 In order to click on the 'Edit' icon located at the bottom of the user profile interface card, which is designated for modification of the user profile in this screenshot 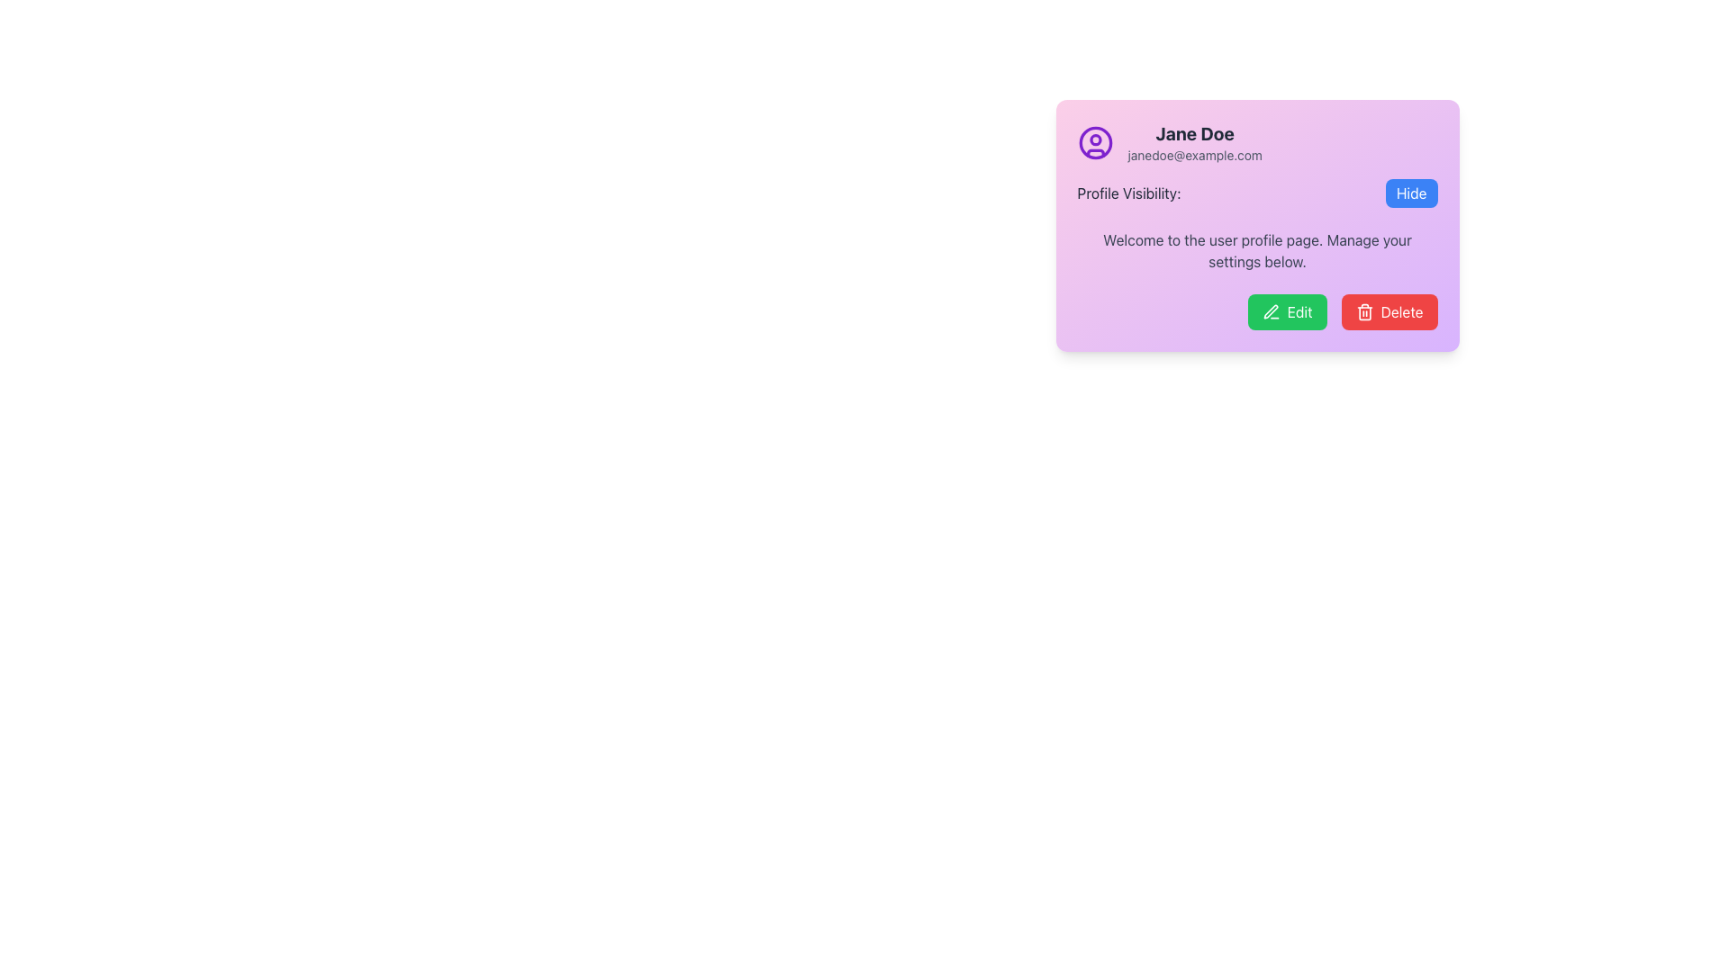, I will do `click(1270, 310)`.